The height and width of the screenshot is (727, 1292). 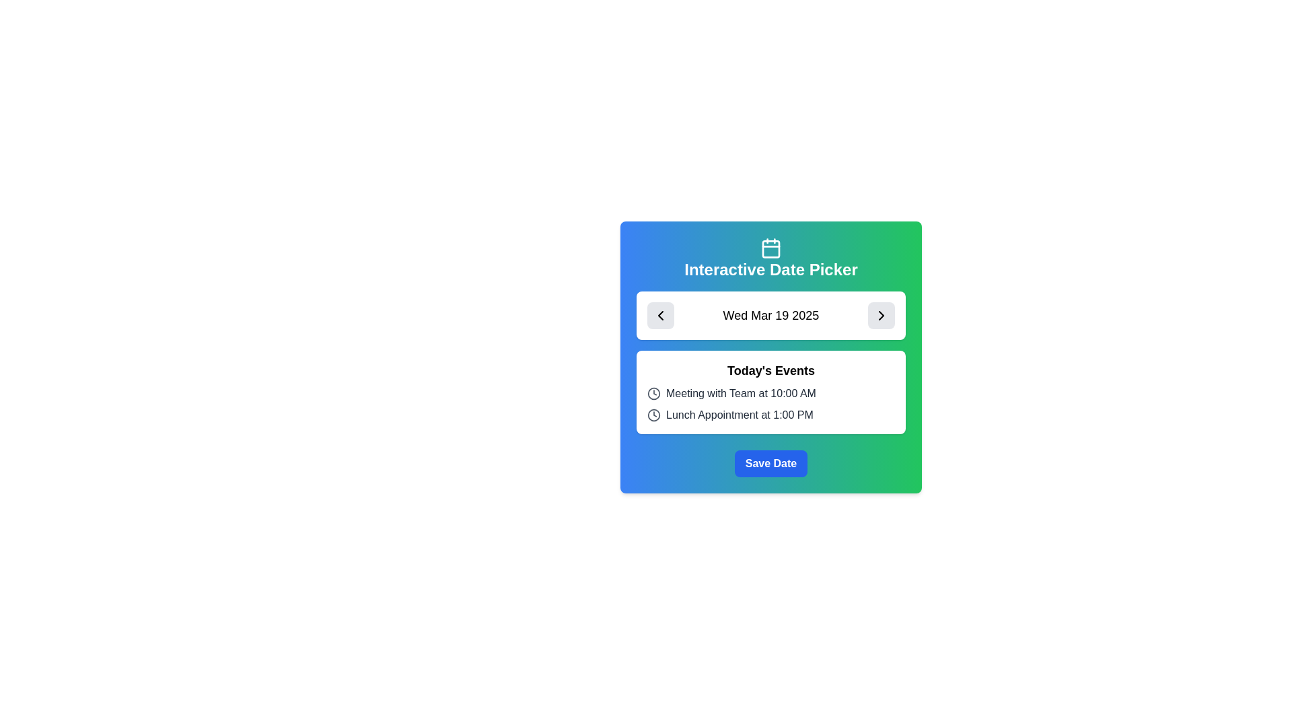 I want to click on the Text Label that serves as a header for upcoming events, located below the date picker header in the white section, so click(x=771, y=371).